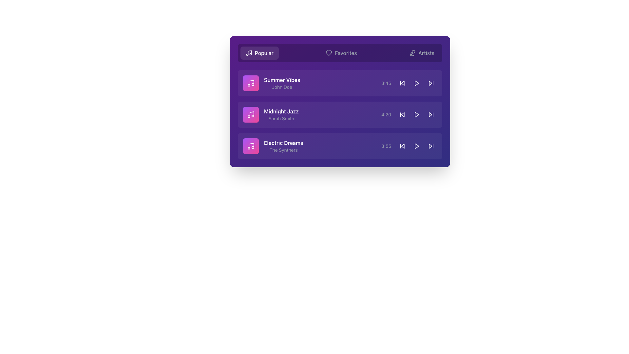  I want to click on the musical note icon representing the 'Electric Dreams' playlist, which is styled with a gradient-filled purple and pink background and located at the left of the third card in the music playlist list, so click(251, 146).